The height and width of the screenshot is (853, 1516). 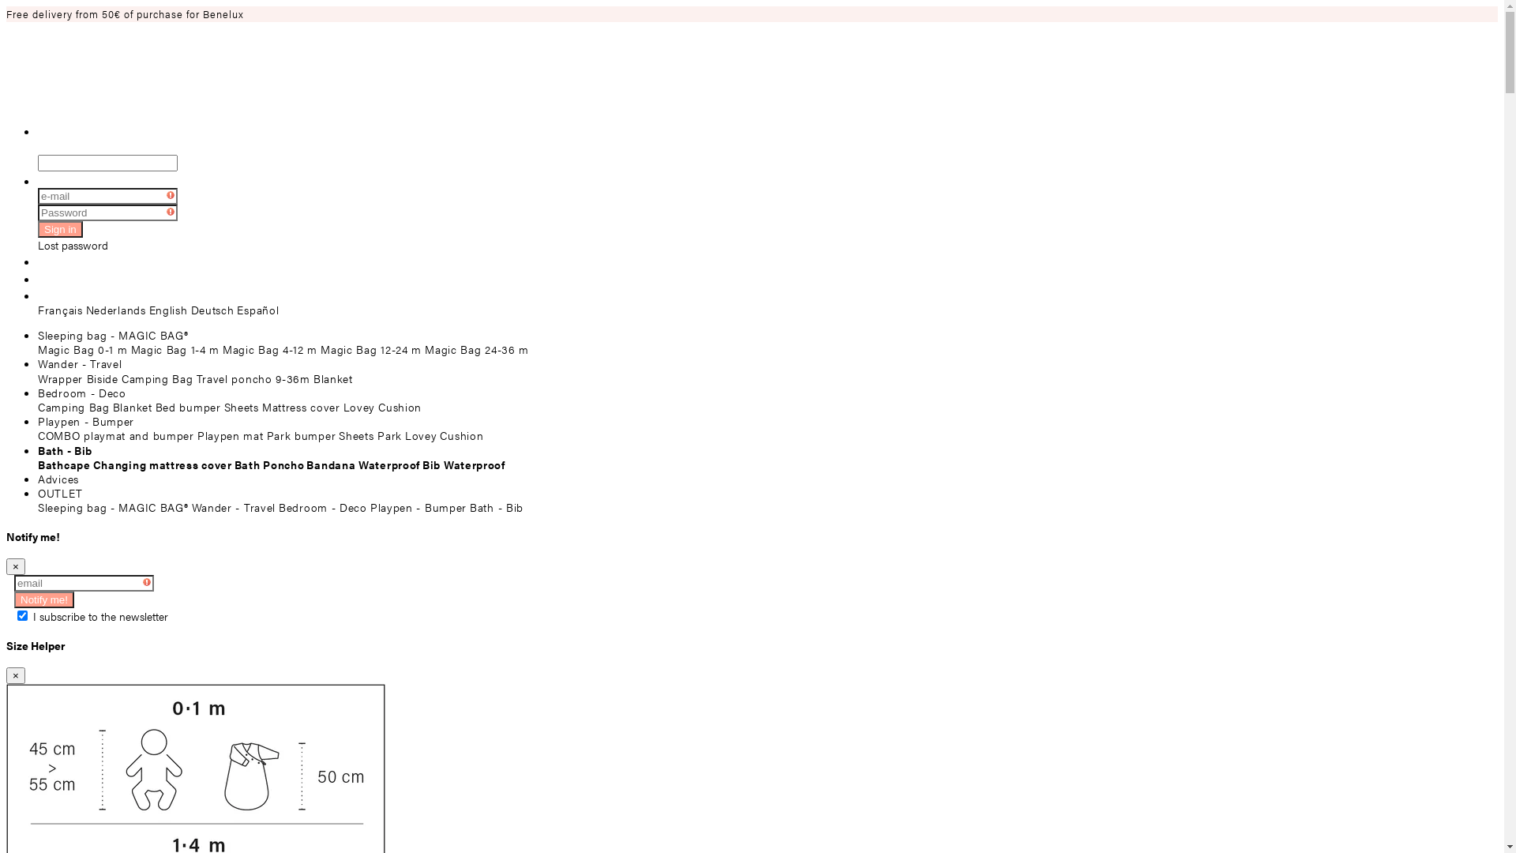 I want to click on 'Blanket', so click(x=133, y=406).